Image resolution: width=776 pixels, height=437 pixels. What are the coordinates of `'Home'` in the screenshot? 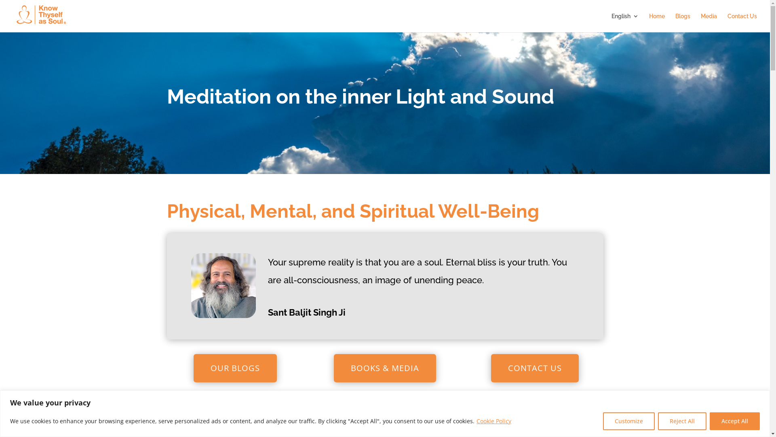 It's located at (657, 22).